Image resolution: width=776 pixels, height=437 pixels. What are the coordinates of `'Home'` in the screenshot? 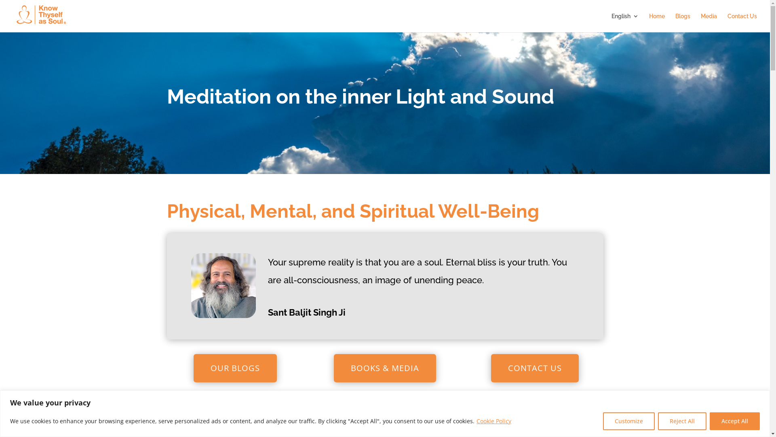 It's located at (657, 22).